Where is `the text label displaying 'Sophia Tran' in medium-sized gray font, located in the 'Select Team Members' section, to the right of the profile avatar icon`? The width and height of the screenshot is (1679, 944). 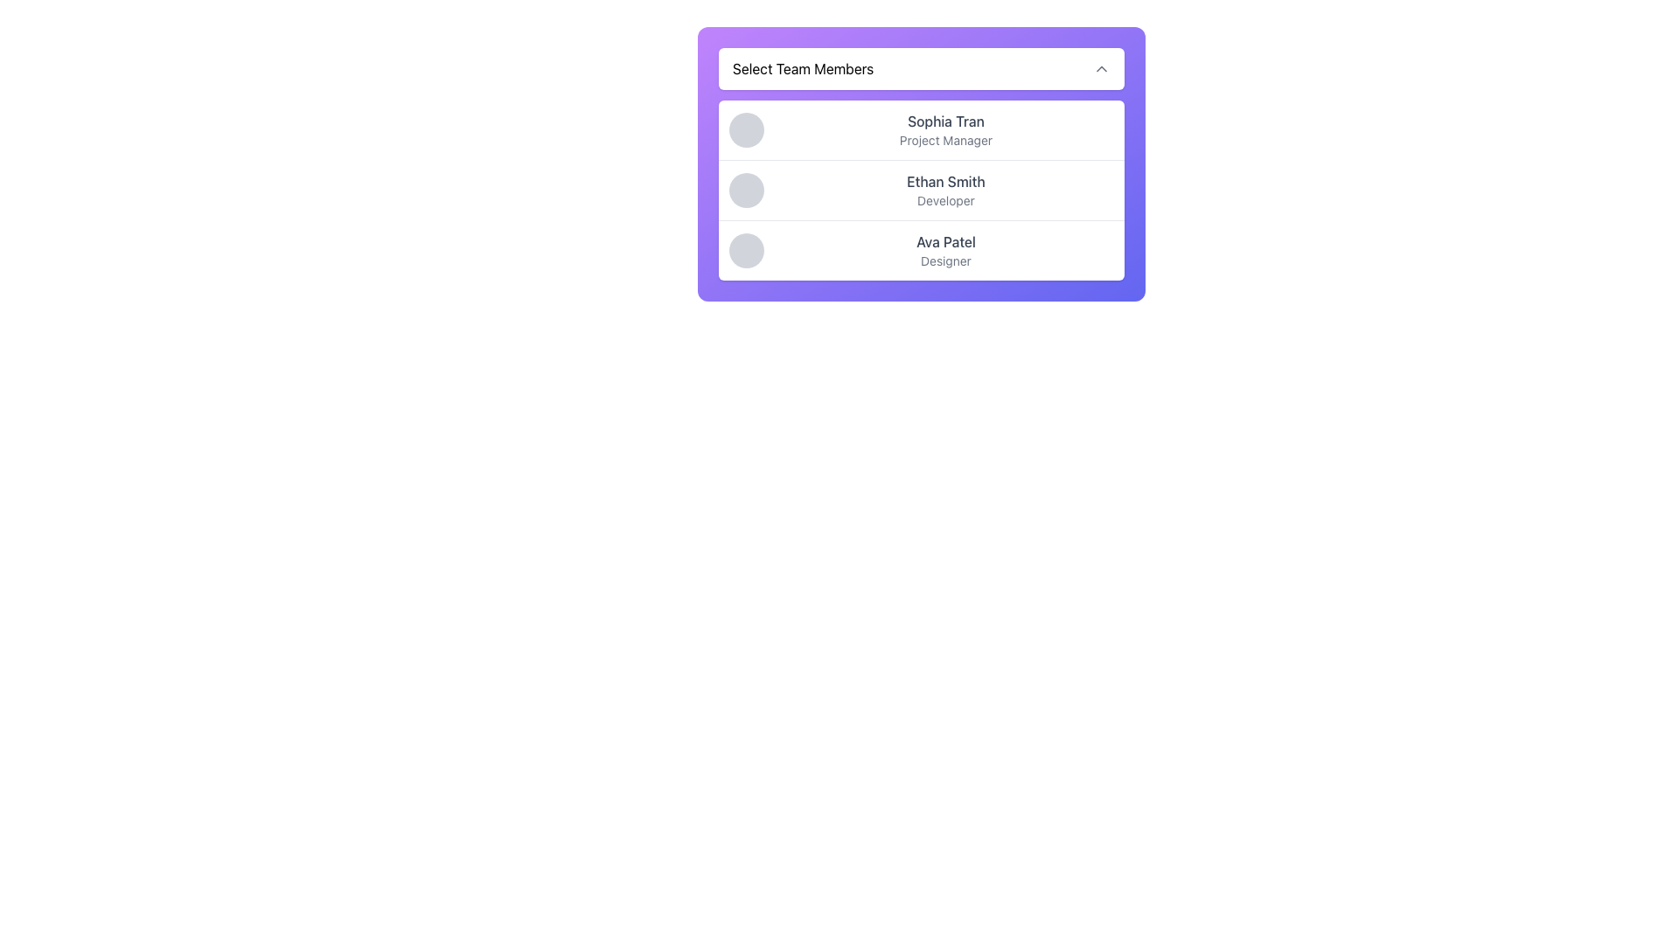 the text label displaying 'Sophia Tran' in medium-sized gray font, located in the 'Select Team Members' section, to the right of the profile avatar icon is located at coordinates (944, 120).